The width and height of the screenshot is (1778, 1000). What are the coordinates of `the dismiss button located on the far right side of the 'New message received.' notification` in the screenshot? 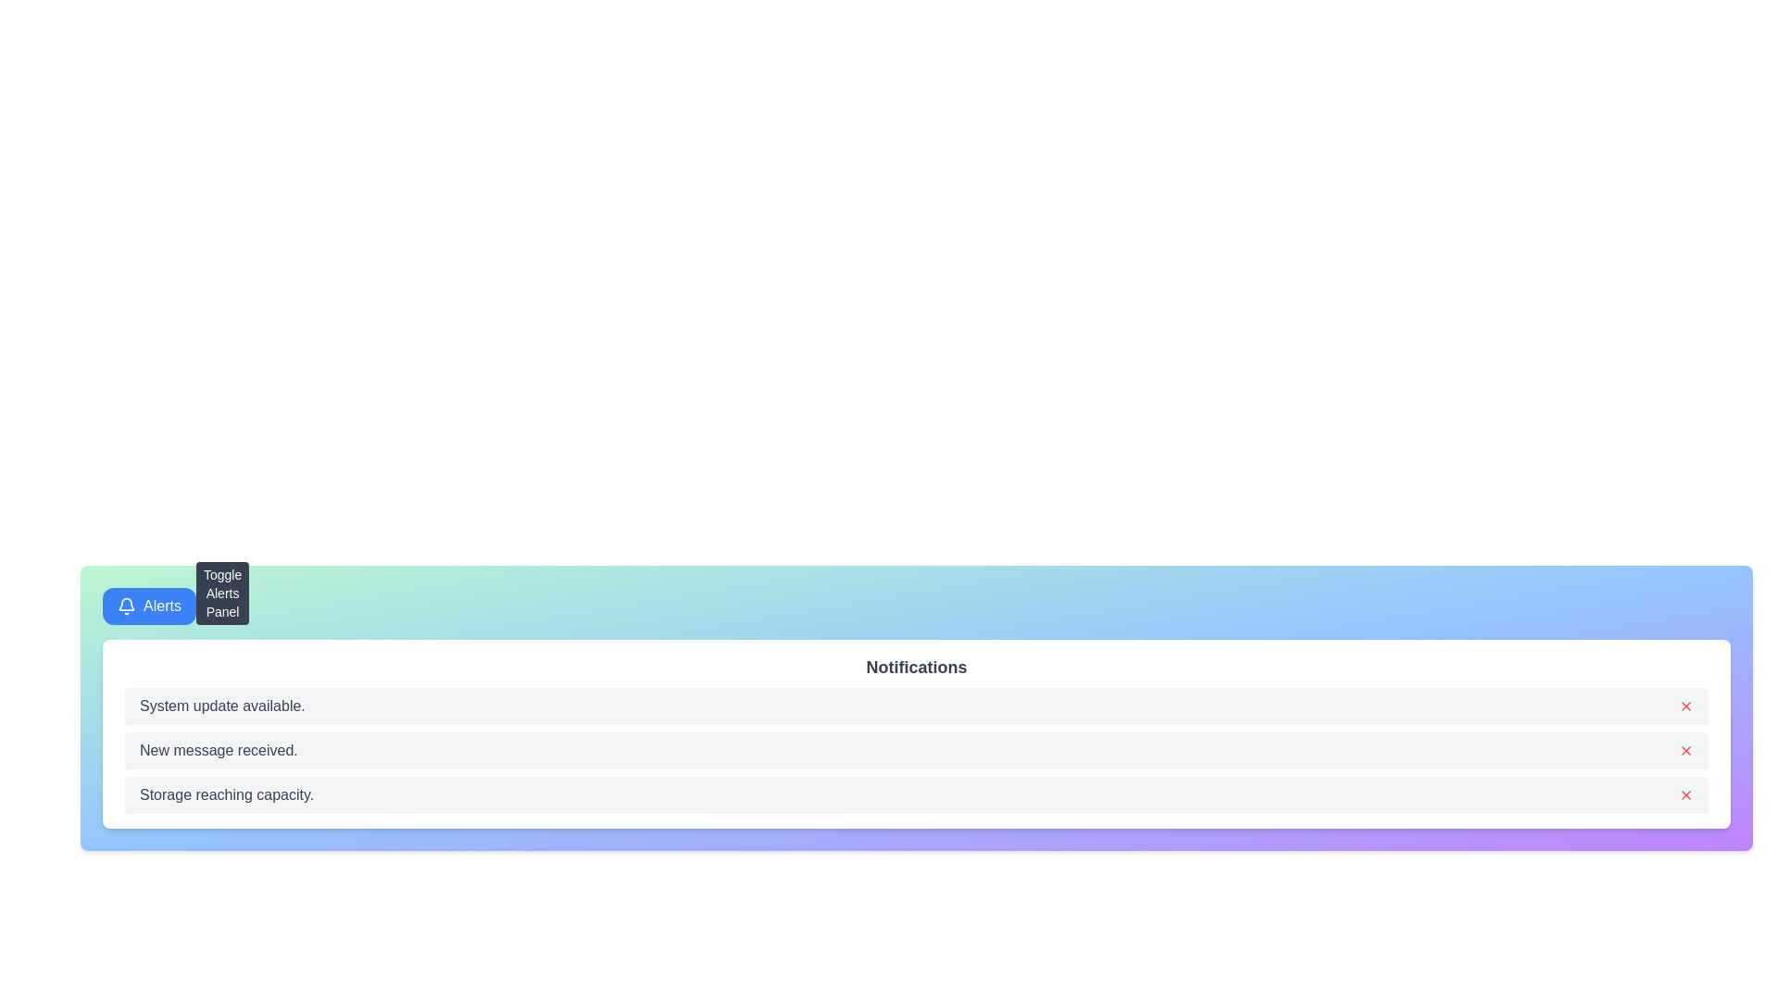 It's located at (1685, 750).